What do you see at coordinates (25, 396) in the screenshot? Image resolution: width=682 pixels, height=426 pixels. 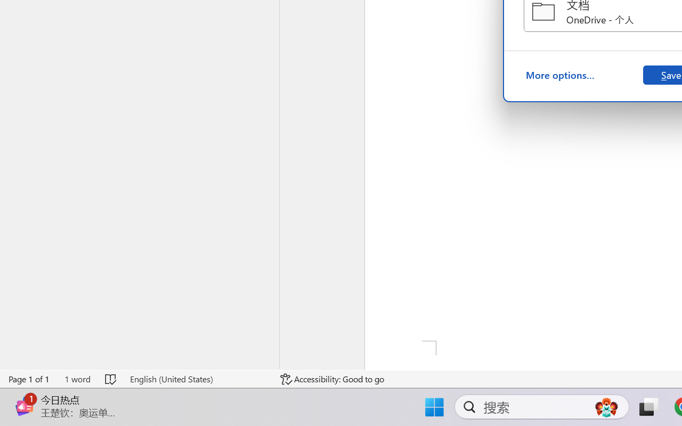 I see `'AutomationID: BadgeAnchorLargeTicker'` at bounding box center [25, 396].